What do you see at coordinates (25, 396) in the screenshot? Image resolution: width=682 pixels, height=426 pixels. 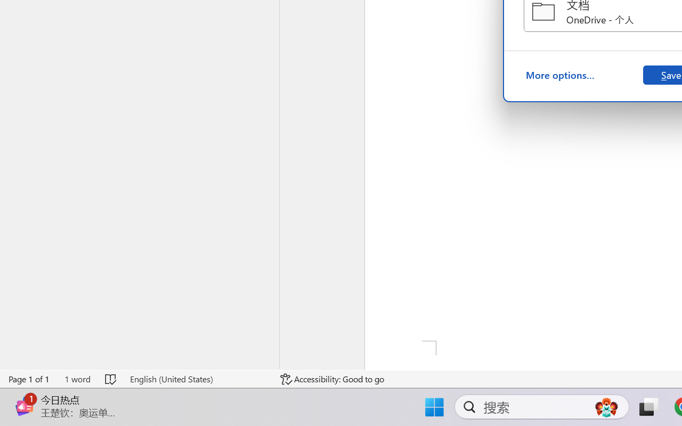 I see `'AutomationID: BadgeAnchorLargeTicker'` at bounding box center [25, 396].